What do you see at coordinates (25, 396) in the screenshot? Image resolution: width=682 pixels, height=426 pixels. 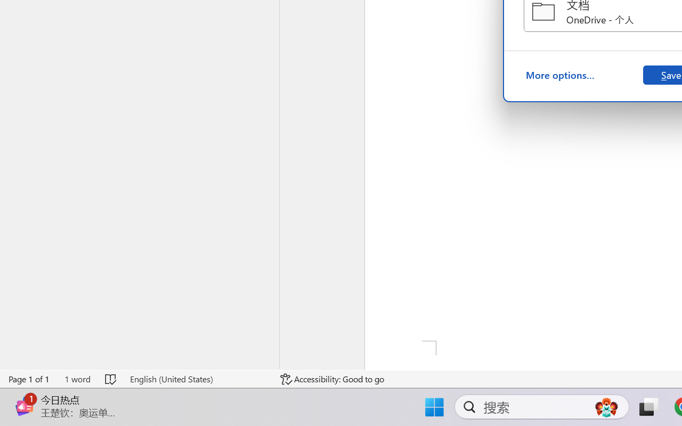 I see `'AutomationID: BadgeAnchorLargeTicker'` at bounding box center [25, 396].